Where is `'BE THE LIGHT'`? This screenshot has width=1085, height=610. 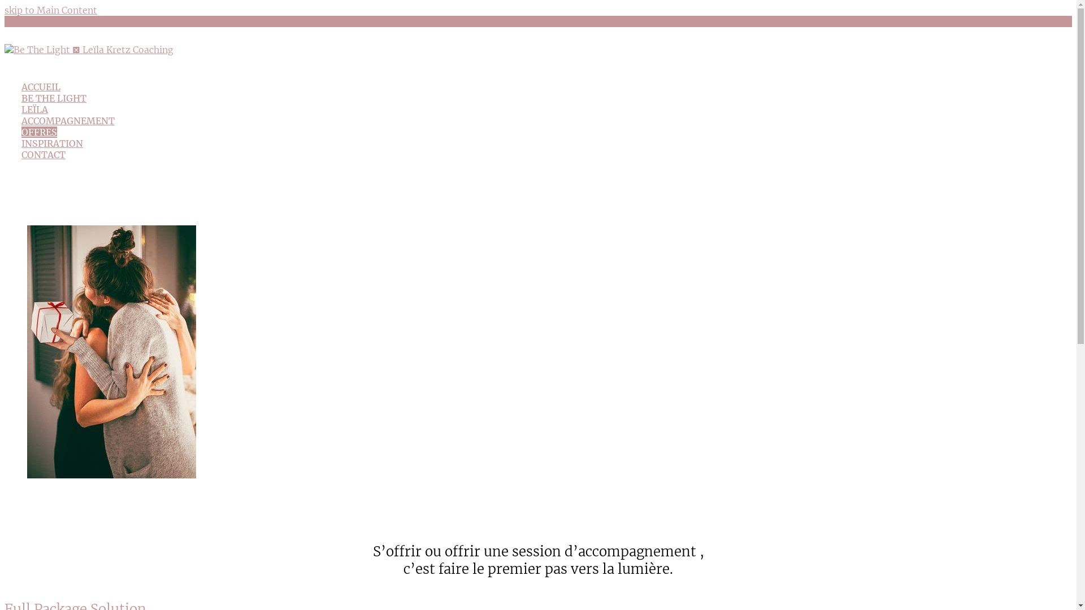
'BE THE LIGHT' is located at coordinates (53, 97).